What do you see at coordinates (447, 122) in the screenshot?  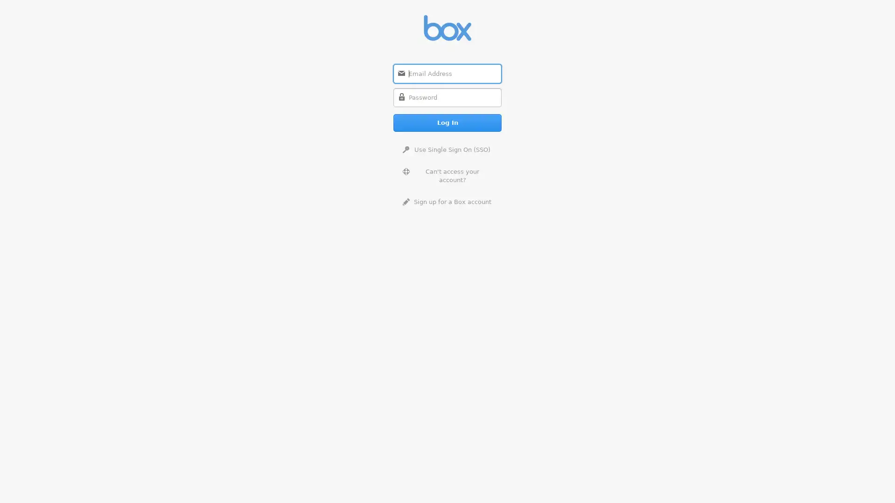 I see `Log In` at bounding box center [447, 122].